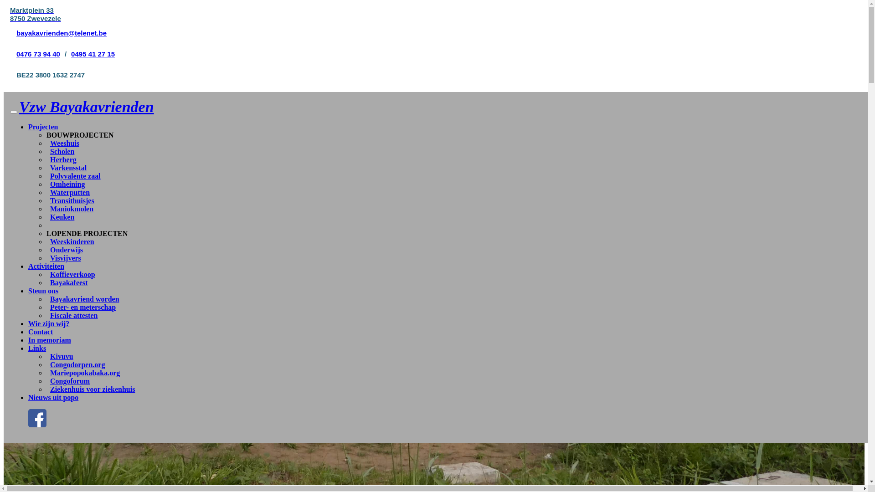 This screenshot has height=492, width=875. Describe the element at coordinates (73, 176) in the screenshot. I see `'Polyvalente zaal'` at that location.